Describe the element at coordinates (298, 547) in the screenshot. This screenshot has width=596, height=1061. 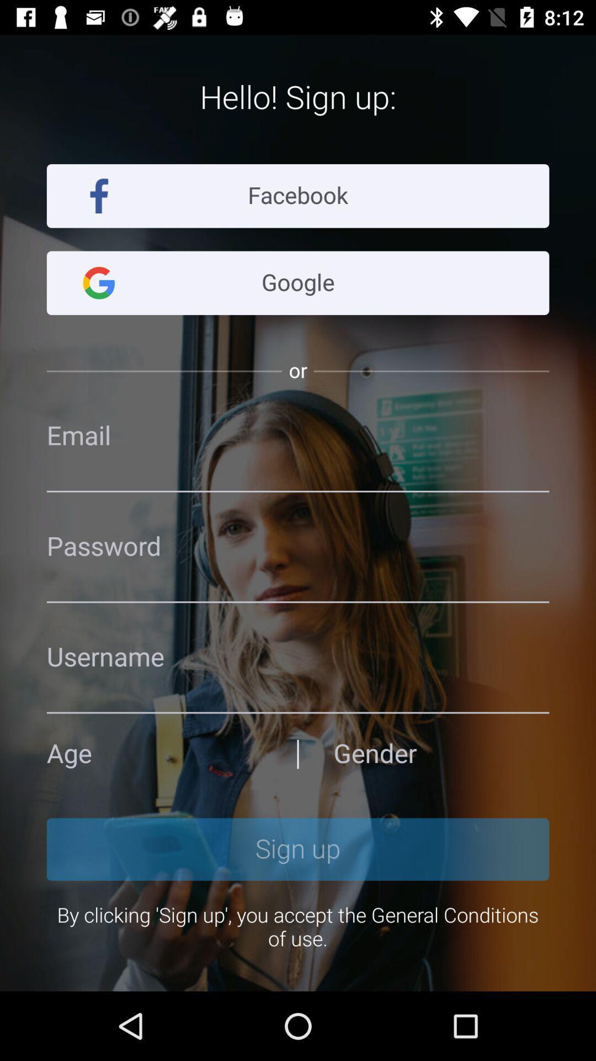
I see `space to enter password` at that location.